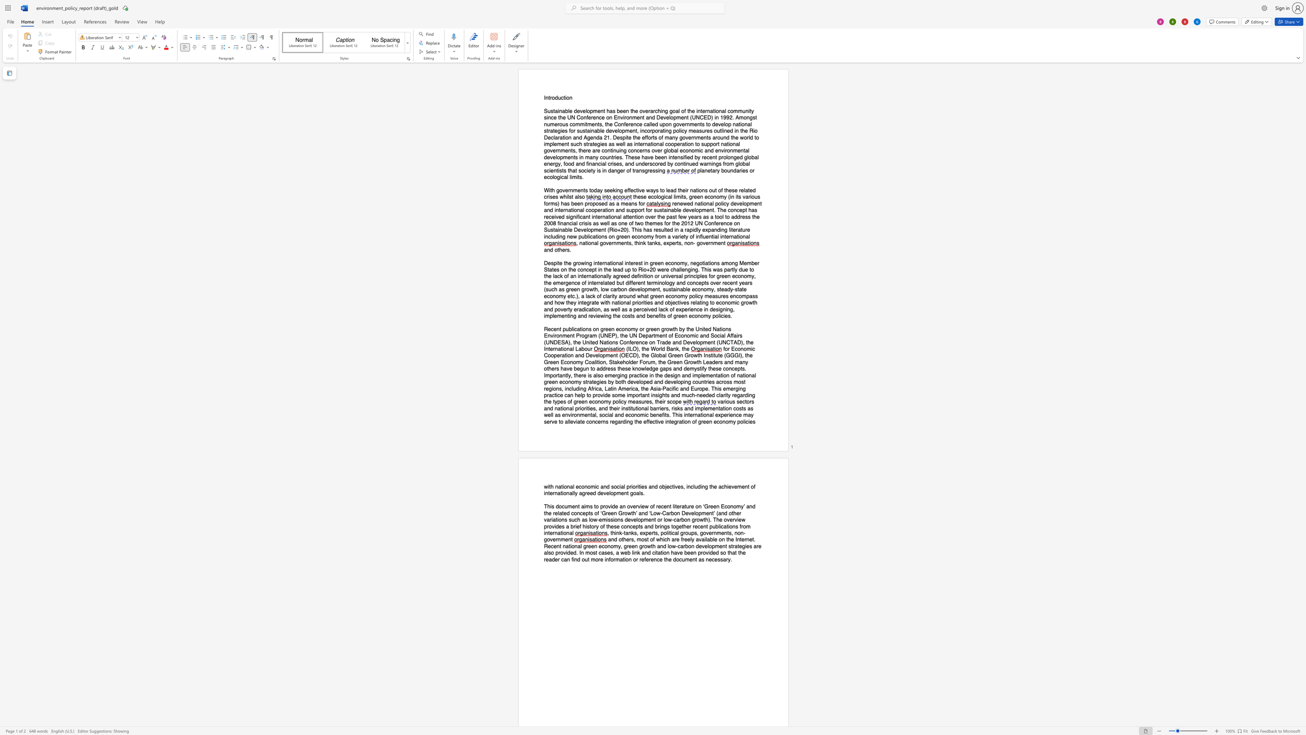  What do you see at coordinates (654, 533) in the screenshot?
I see `the 3th character "t" in the text` at bounding box center [654, 533].